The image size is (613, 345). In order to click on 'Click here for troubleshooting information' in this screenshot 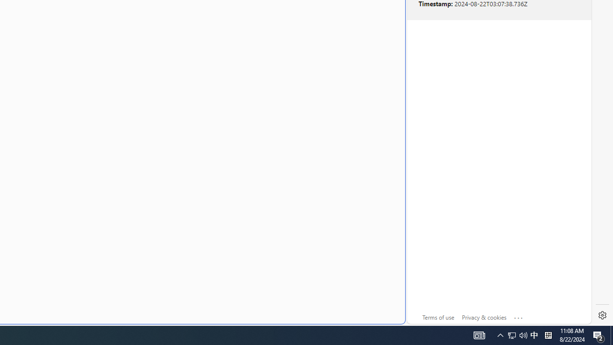, I will do `click(518, 316)`.